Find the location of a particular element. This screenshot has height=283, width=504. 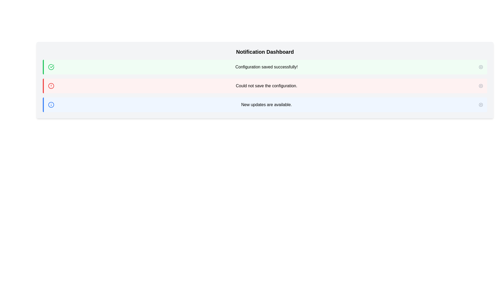

the Information Icon located at the start of the notification labeled 'New updates are available.' This icon is part of the leftmost section within a blue-colored border, indicating its informational role is located at coordinates (51, 105).